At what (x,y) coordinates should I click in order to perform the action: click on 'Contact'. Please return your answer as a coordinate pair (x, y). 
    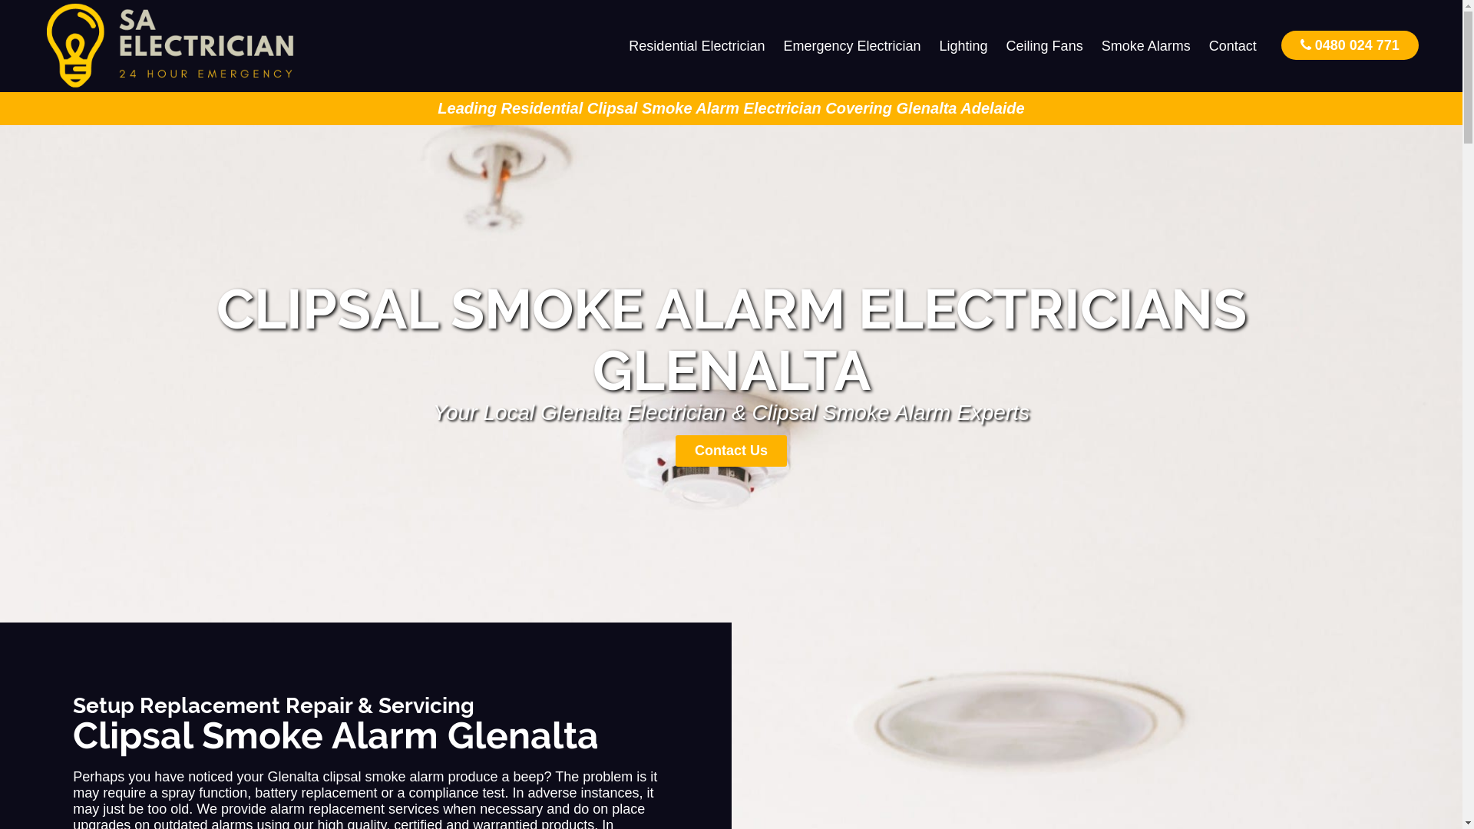
    Looking at the image, I should click on (1233, 45).